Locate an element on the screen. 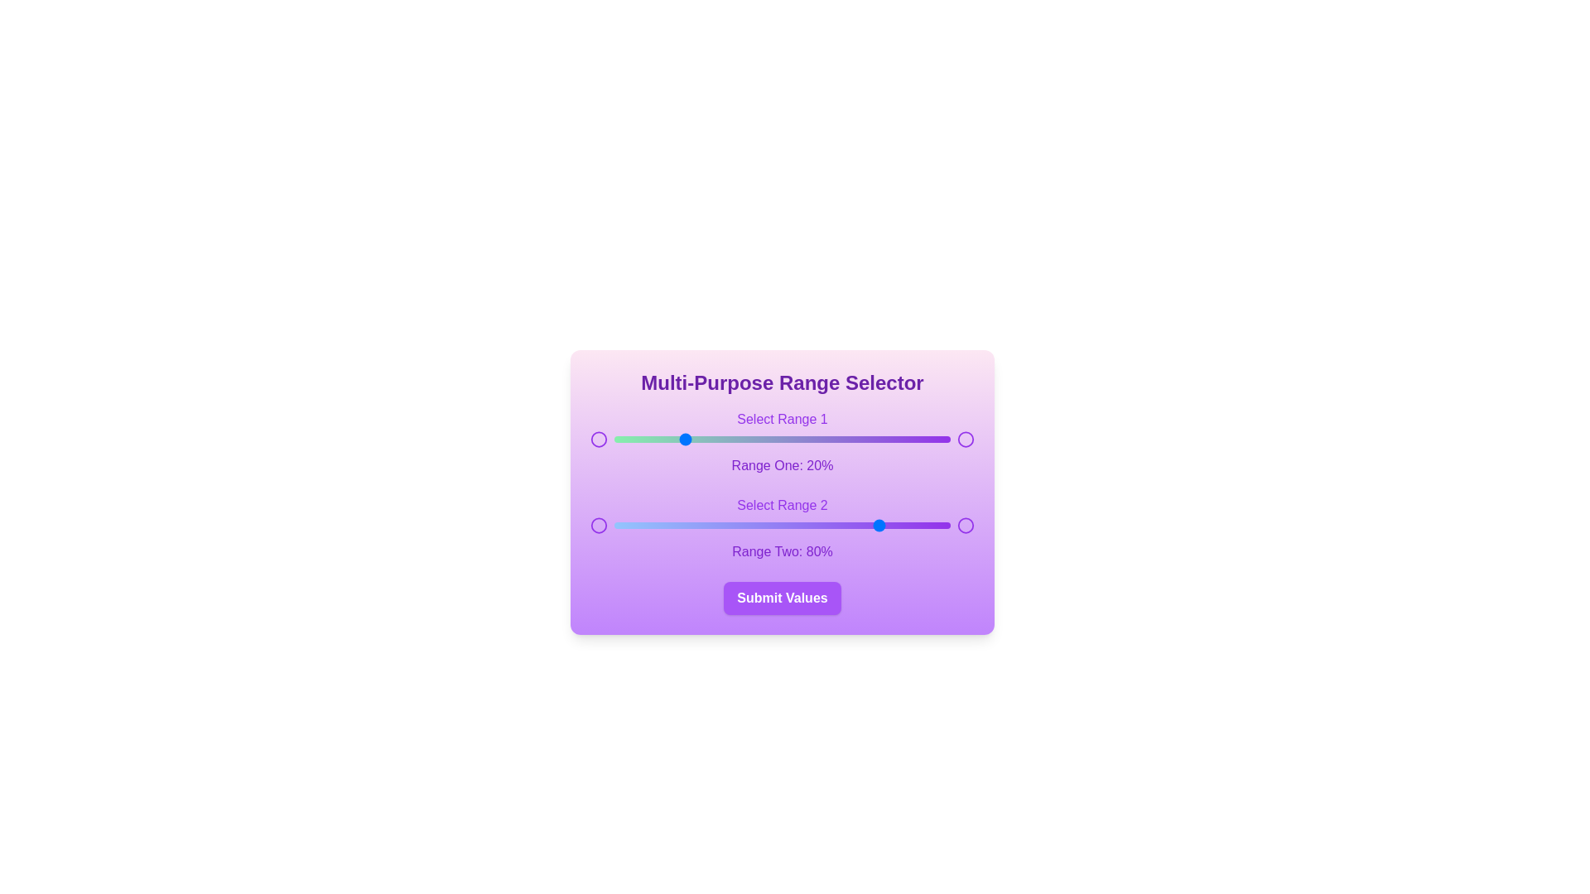 The image size is (1590, 894). the first range slider to 85% is located at coordinates (899, 439).